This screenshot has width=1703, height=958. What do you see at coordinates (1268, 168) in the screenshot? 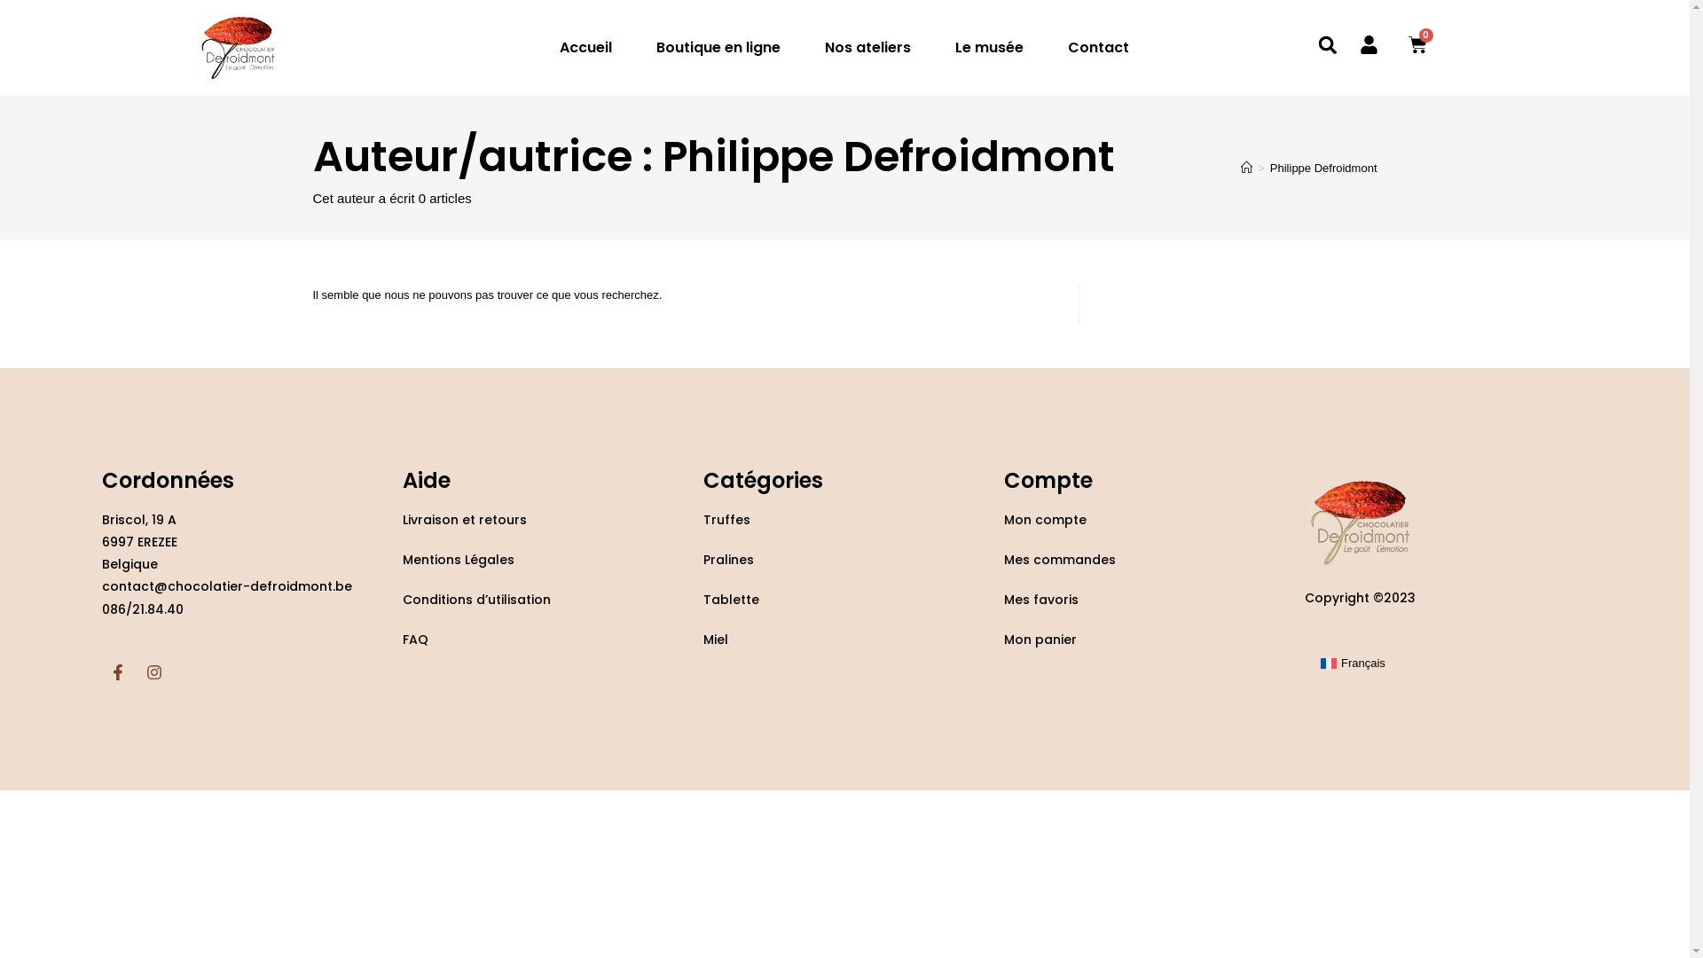
I see `'Philippe Defroidmont'` at bounding box center [1268, 168].